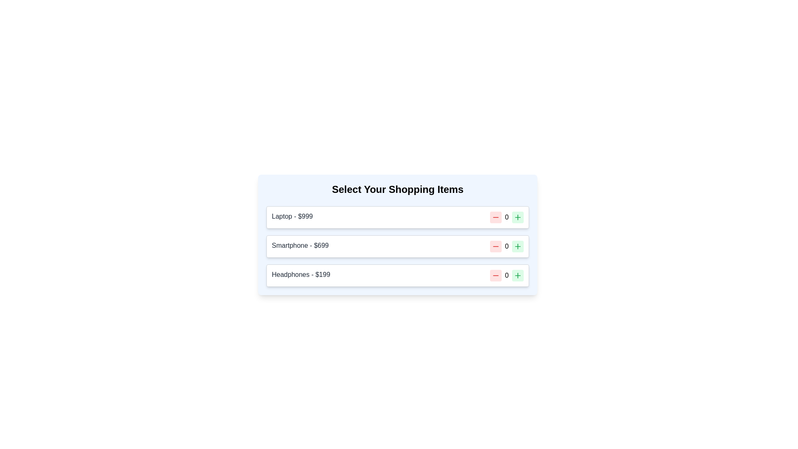  I want to click on the decrement button for the 'Laptop' item in the user's cart, so click(496, 217).